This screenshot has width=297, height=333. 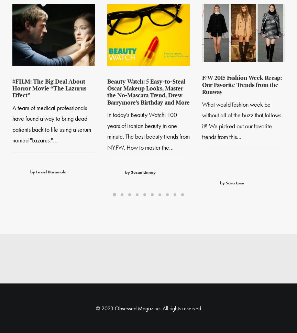 I want to click on 'In today's Beauty Watch: 100 years of Iranian beauty in one minute. The best beauty trends from NYFW. How to master the…', so click(x=148, y=131).